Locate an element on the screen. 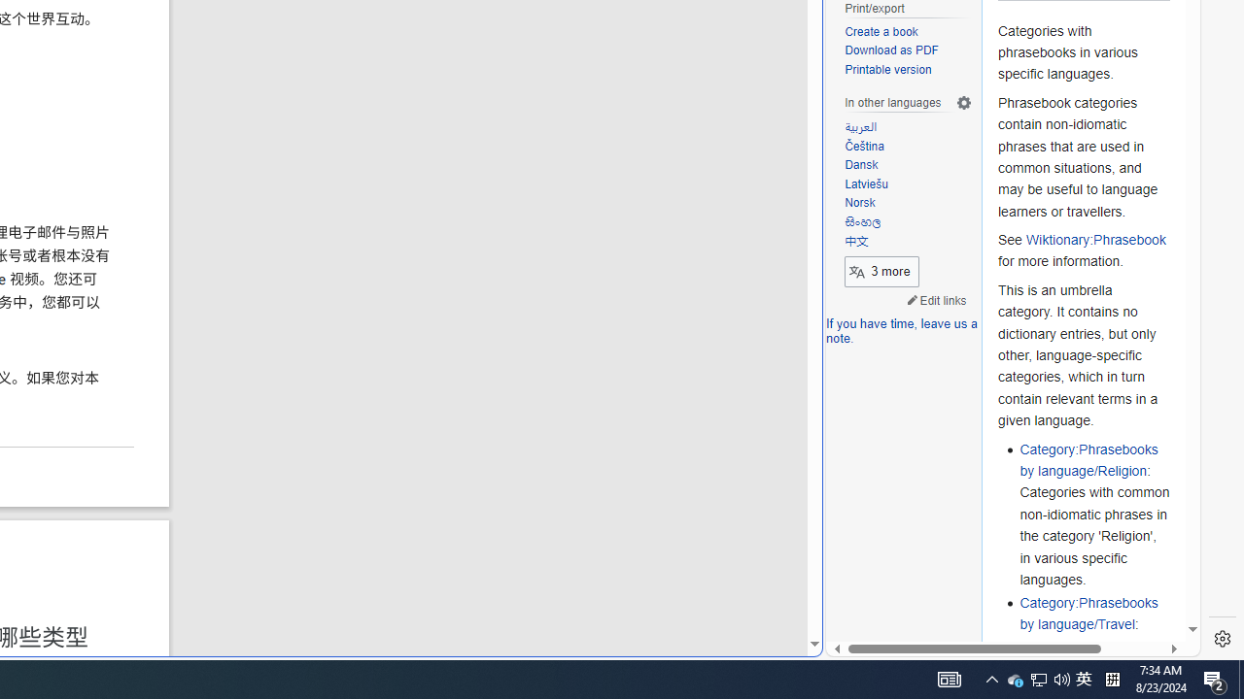  '3 more' is located at coordinates (881, 271).